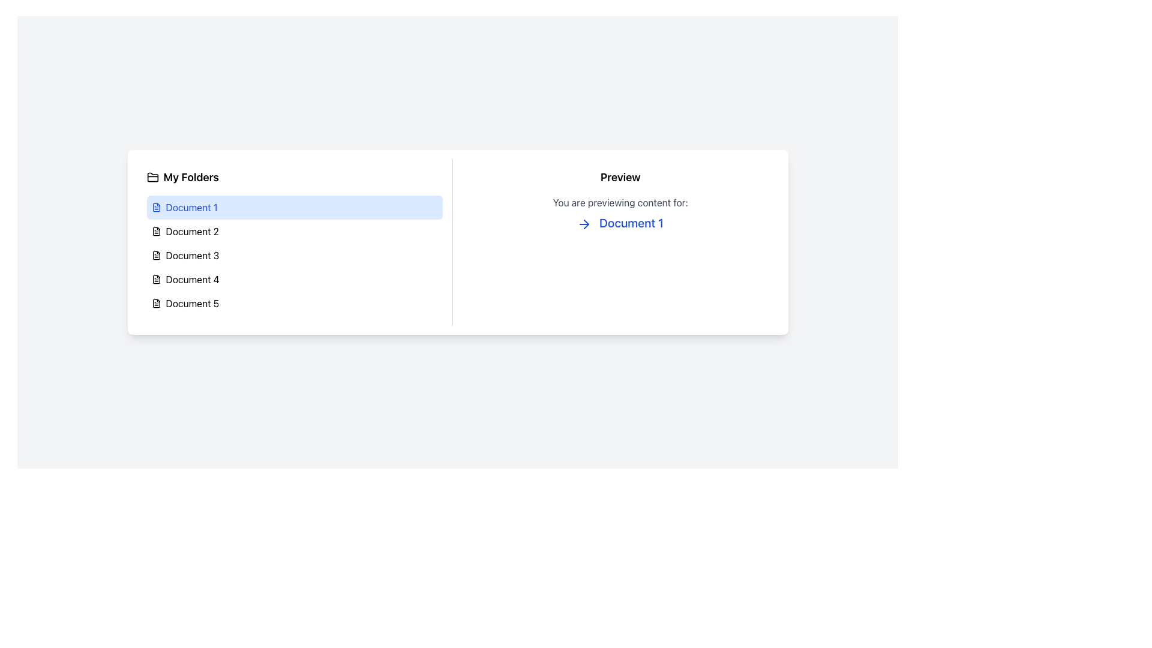 The width and height of the screenshot is (1152, 648). I want to click on the icon representing 'Document 3' located to the left of the text in the list of folder items under 'My Folders.' This is the third item in the vertical list, so click(155, 254).